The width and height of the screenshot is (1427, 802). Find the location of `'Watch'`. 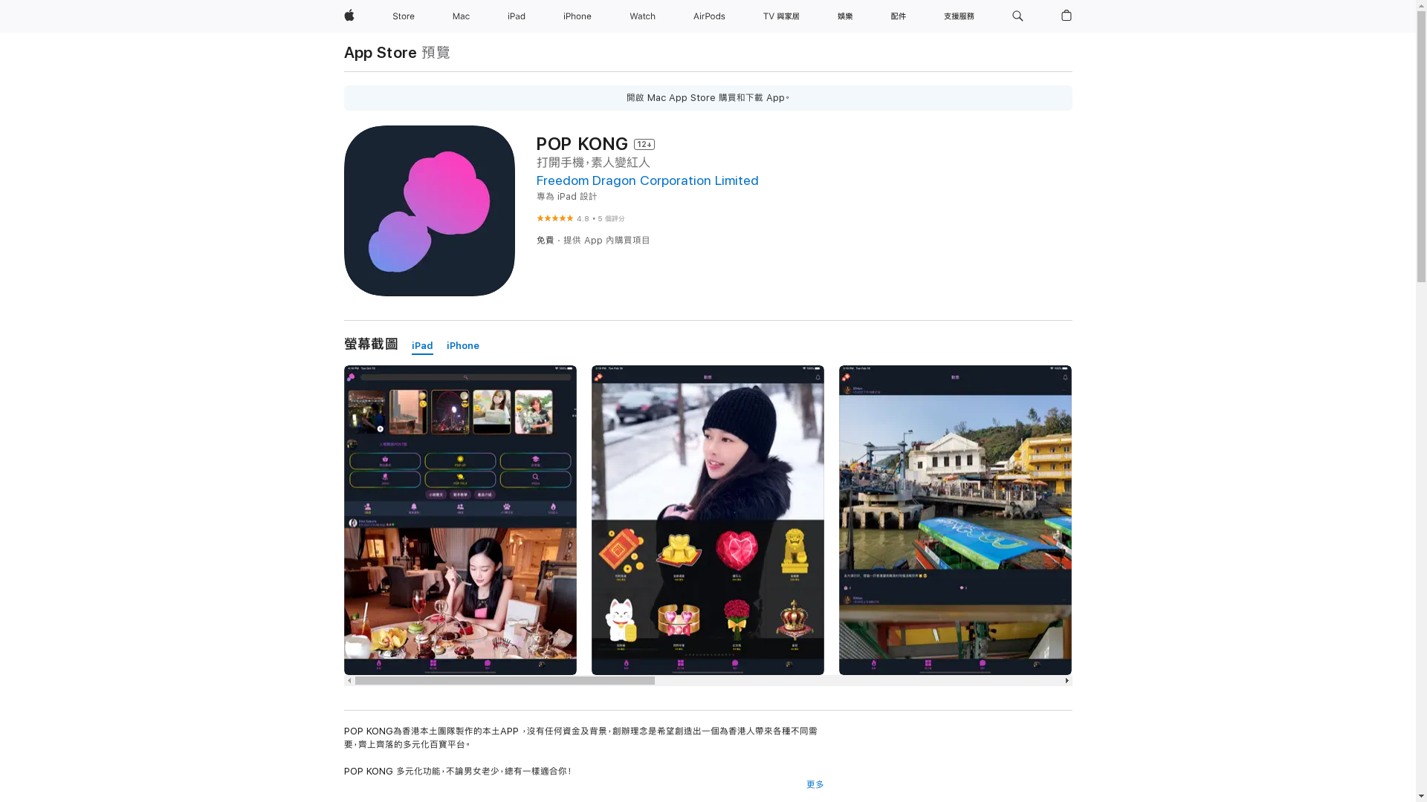

'Watch' is located at coordinates (624, 16).